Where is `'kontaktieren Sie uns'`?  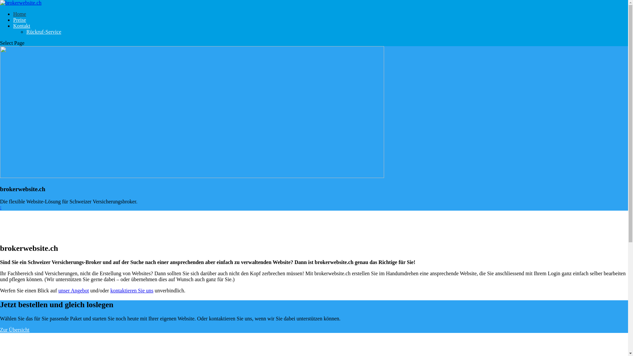 'kontaktieren Sie uns' is located at coordinates (132, 290).